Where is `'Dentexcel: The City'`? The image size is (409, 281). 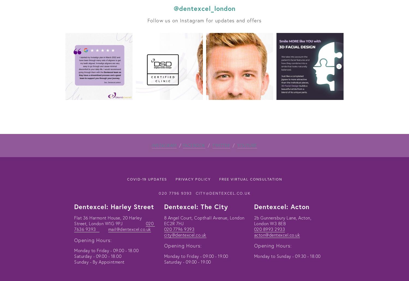
'Dentexcel: The City' is located at coordinates (196, 206).